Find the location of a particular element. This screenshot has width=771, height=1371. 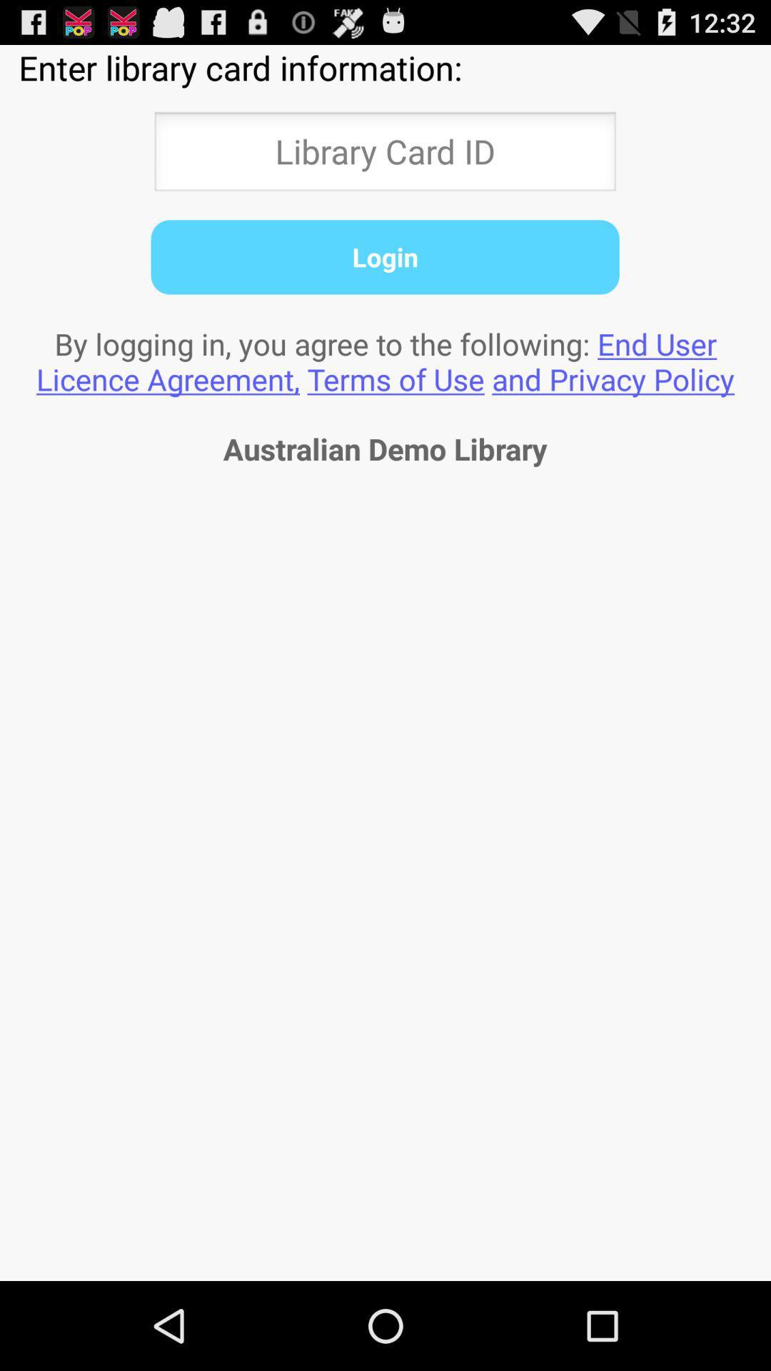

the item below login button is located at coordinates (385, 361).